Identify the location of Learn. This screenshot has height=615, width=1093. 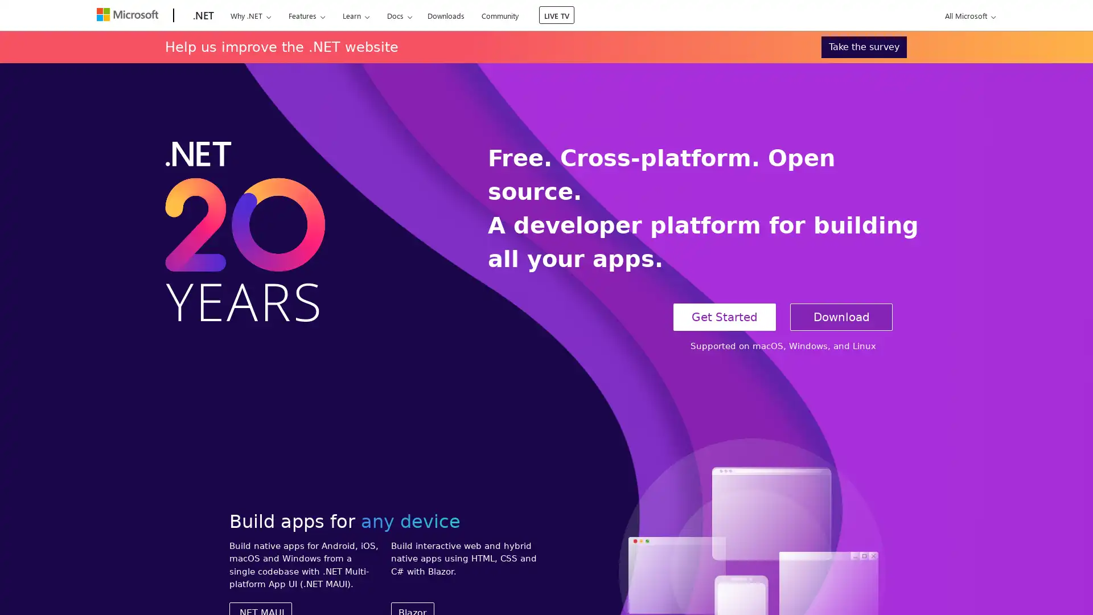
(355, 15).